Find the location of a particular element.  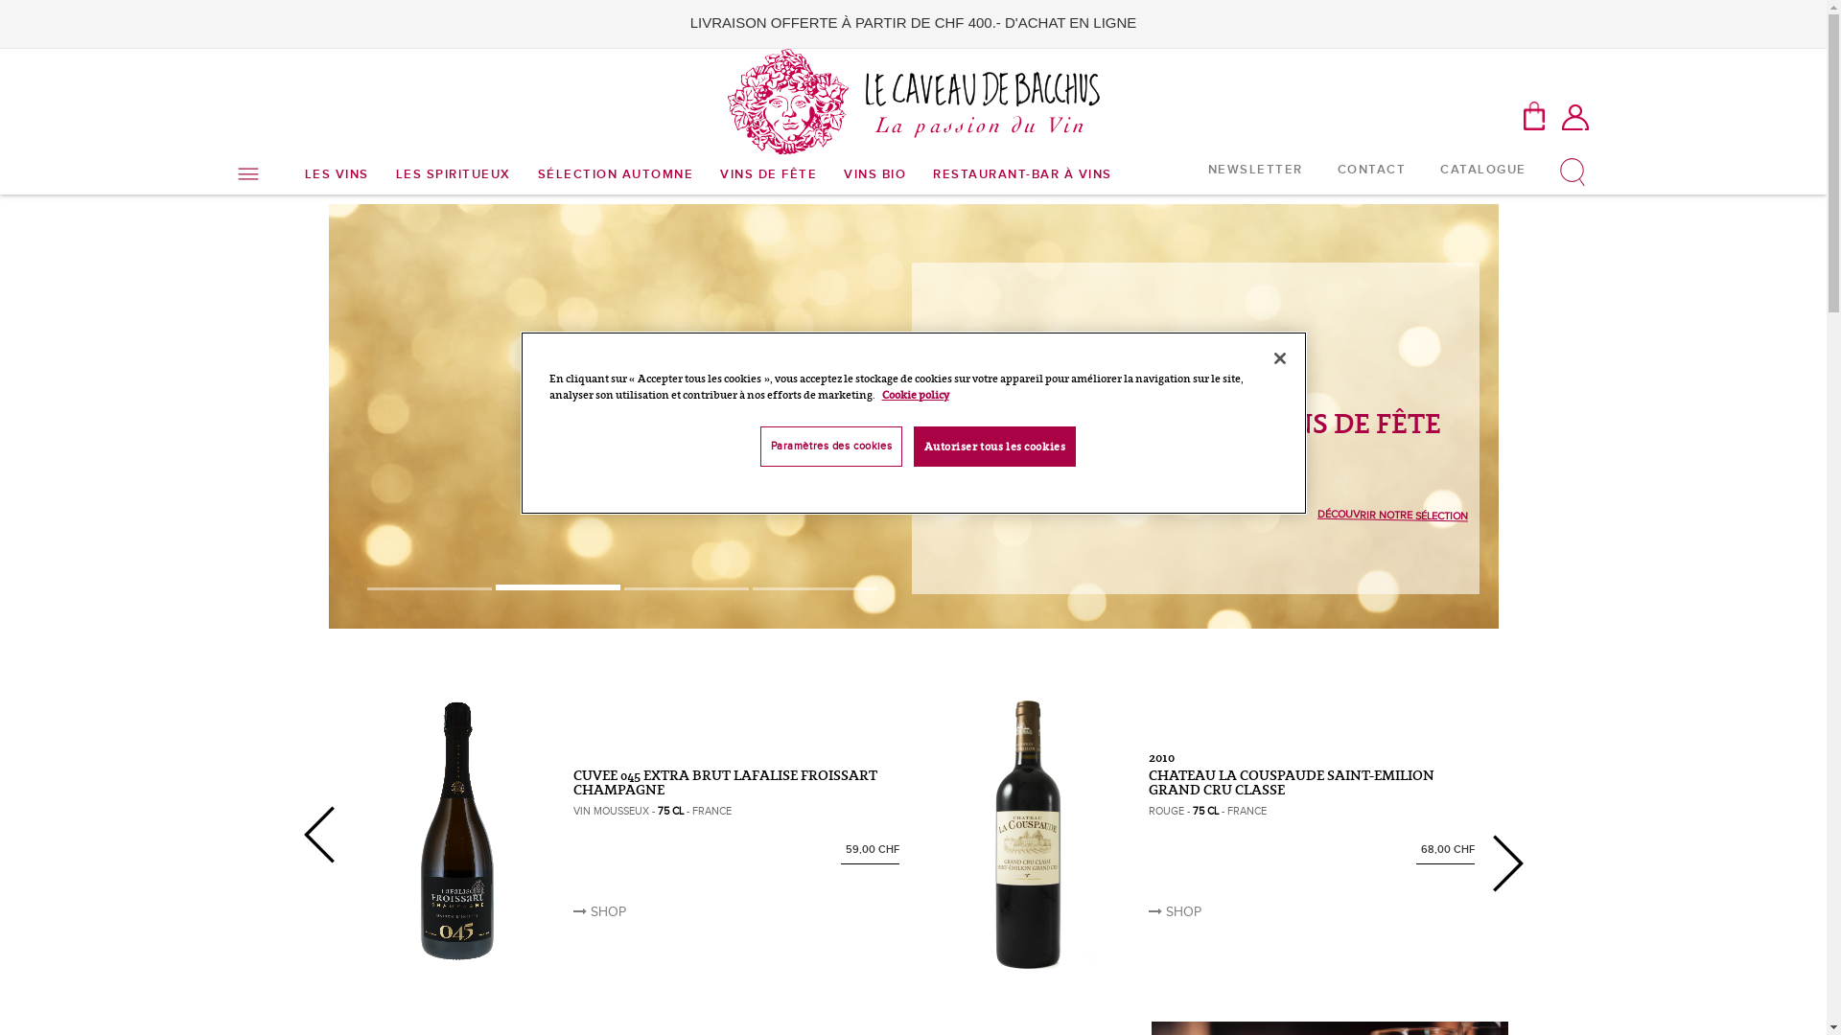

'MON PANIER' is located at coordinates (1532, 115).